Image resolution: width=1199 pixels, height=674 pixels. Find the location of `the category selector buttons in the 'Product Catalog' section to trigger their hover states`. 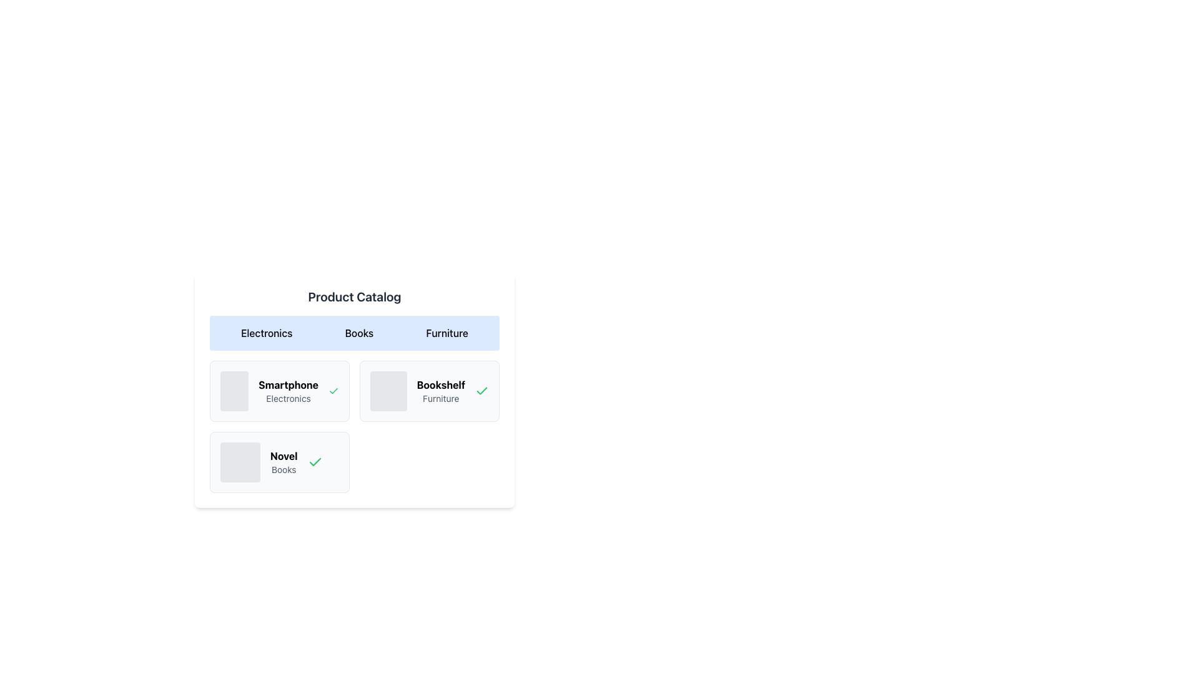

the category selector buttons in the 'Product Catalog' section to trigger their hover states is located at coordinates (353, 332).